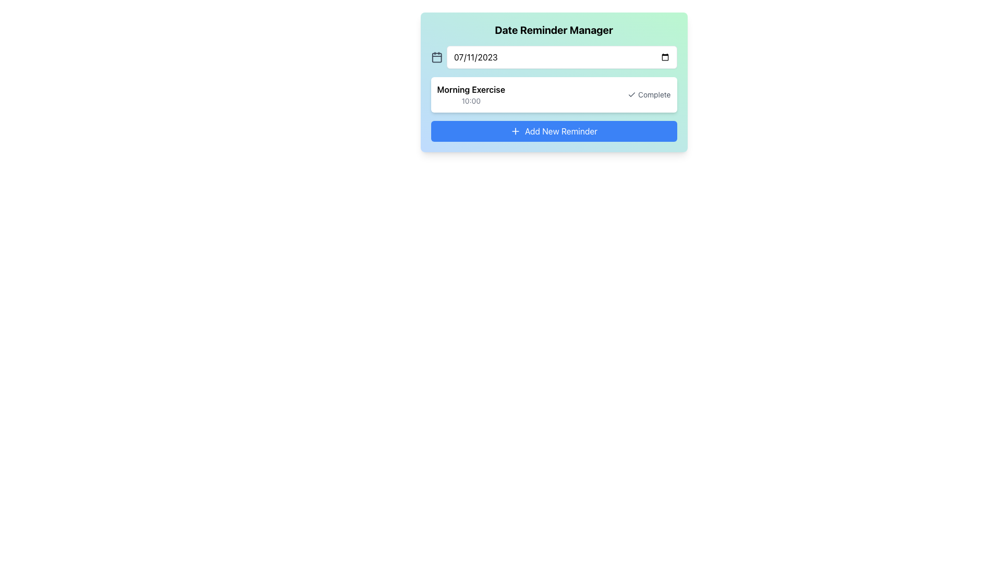  What do you see at coordinates (436, 57) in the screenshot?
I see `the calendar icon element, which is positioned at the far left of a section containing a date input field and a button, situated directly before the date input field` at bounding box center [436, 57].